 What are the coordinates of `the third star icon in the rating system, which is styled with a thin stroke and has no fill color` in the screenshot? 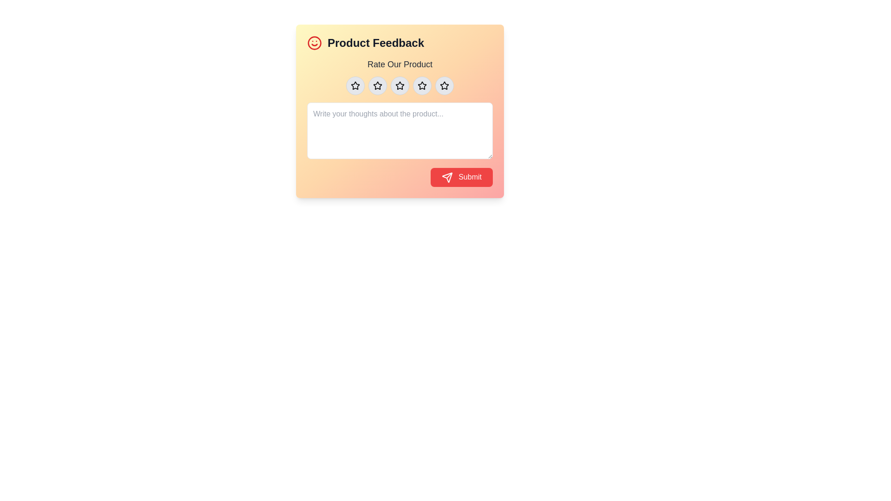 It's located at (378, 86).